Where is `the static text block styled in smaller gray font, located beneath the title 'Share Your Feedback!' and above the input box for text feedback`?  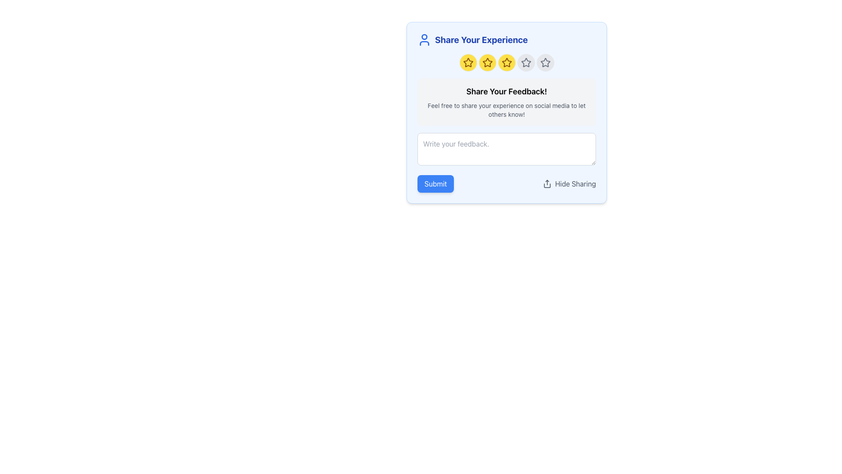 the static text block styled in smaller gray font, located beneath the title 'Share Your Feedback!' and above the input box for text feedback is located at coordinates (507, 109).